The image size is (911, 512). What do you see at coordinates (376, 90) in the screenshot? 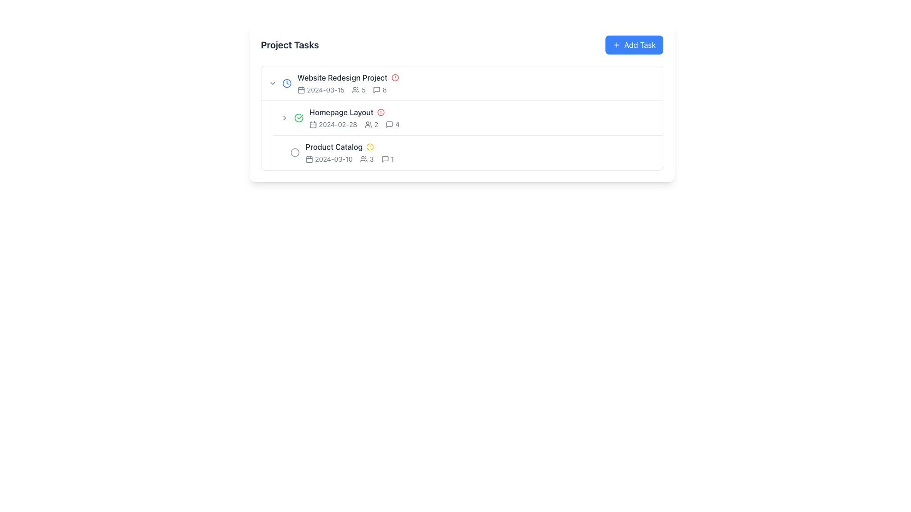
I see `the speech bubble icon representing chat functionality, which is located to the left of the number '8' in the task list for the 'Website Redesign Project'` at bounding box center [376, 90].